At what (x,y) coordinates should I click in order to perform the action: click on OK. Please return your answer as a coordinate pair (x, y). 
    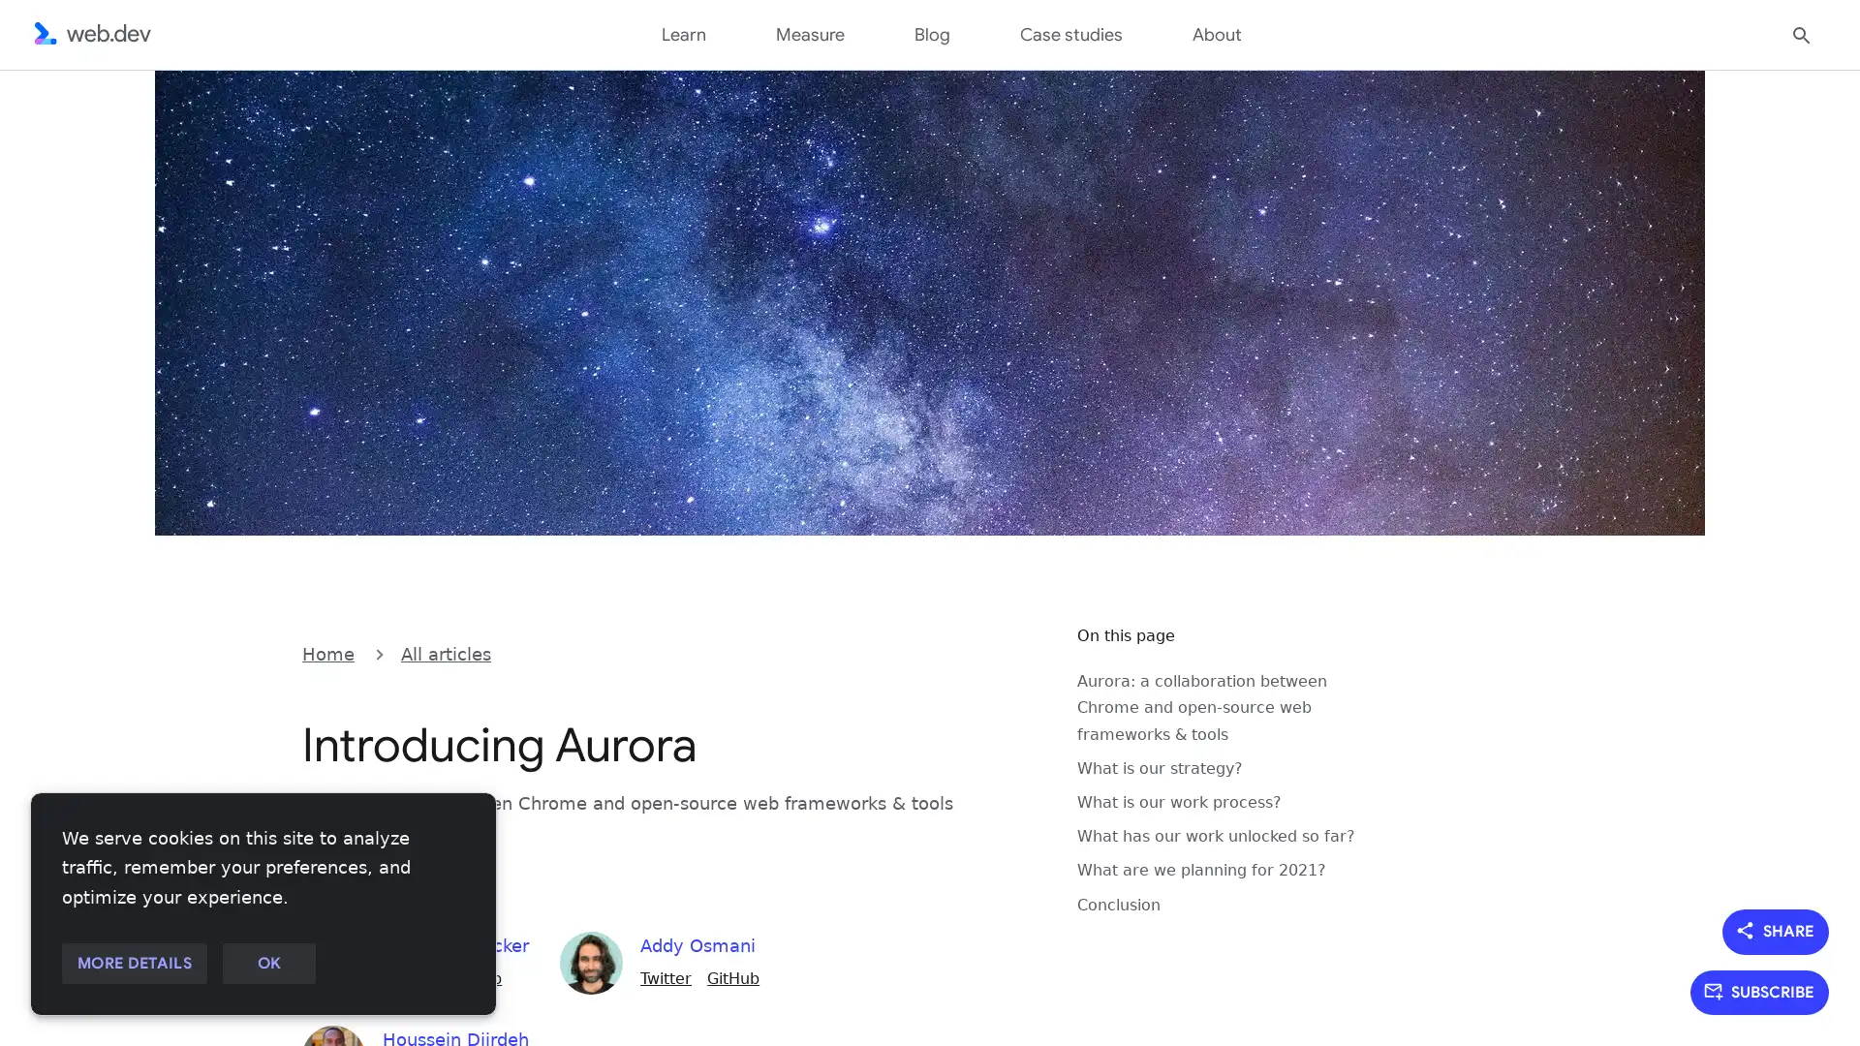
    Looking at the image, I should click on (267, 964).